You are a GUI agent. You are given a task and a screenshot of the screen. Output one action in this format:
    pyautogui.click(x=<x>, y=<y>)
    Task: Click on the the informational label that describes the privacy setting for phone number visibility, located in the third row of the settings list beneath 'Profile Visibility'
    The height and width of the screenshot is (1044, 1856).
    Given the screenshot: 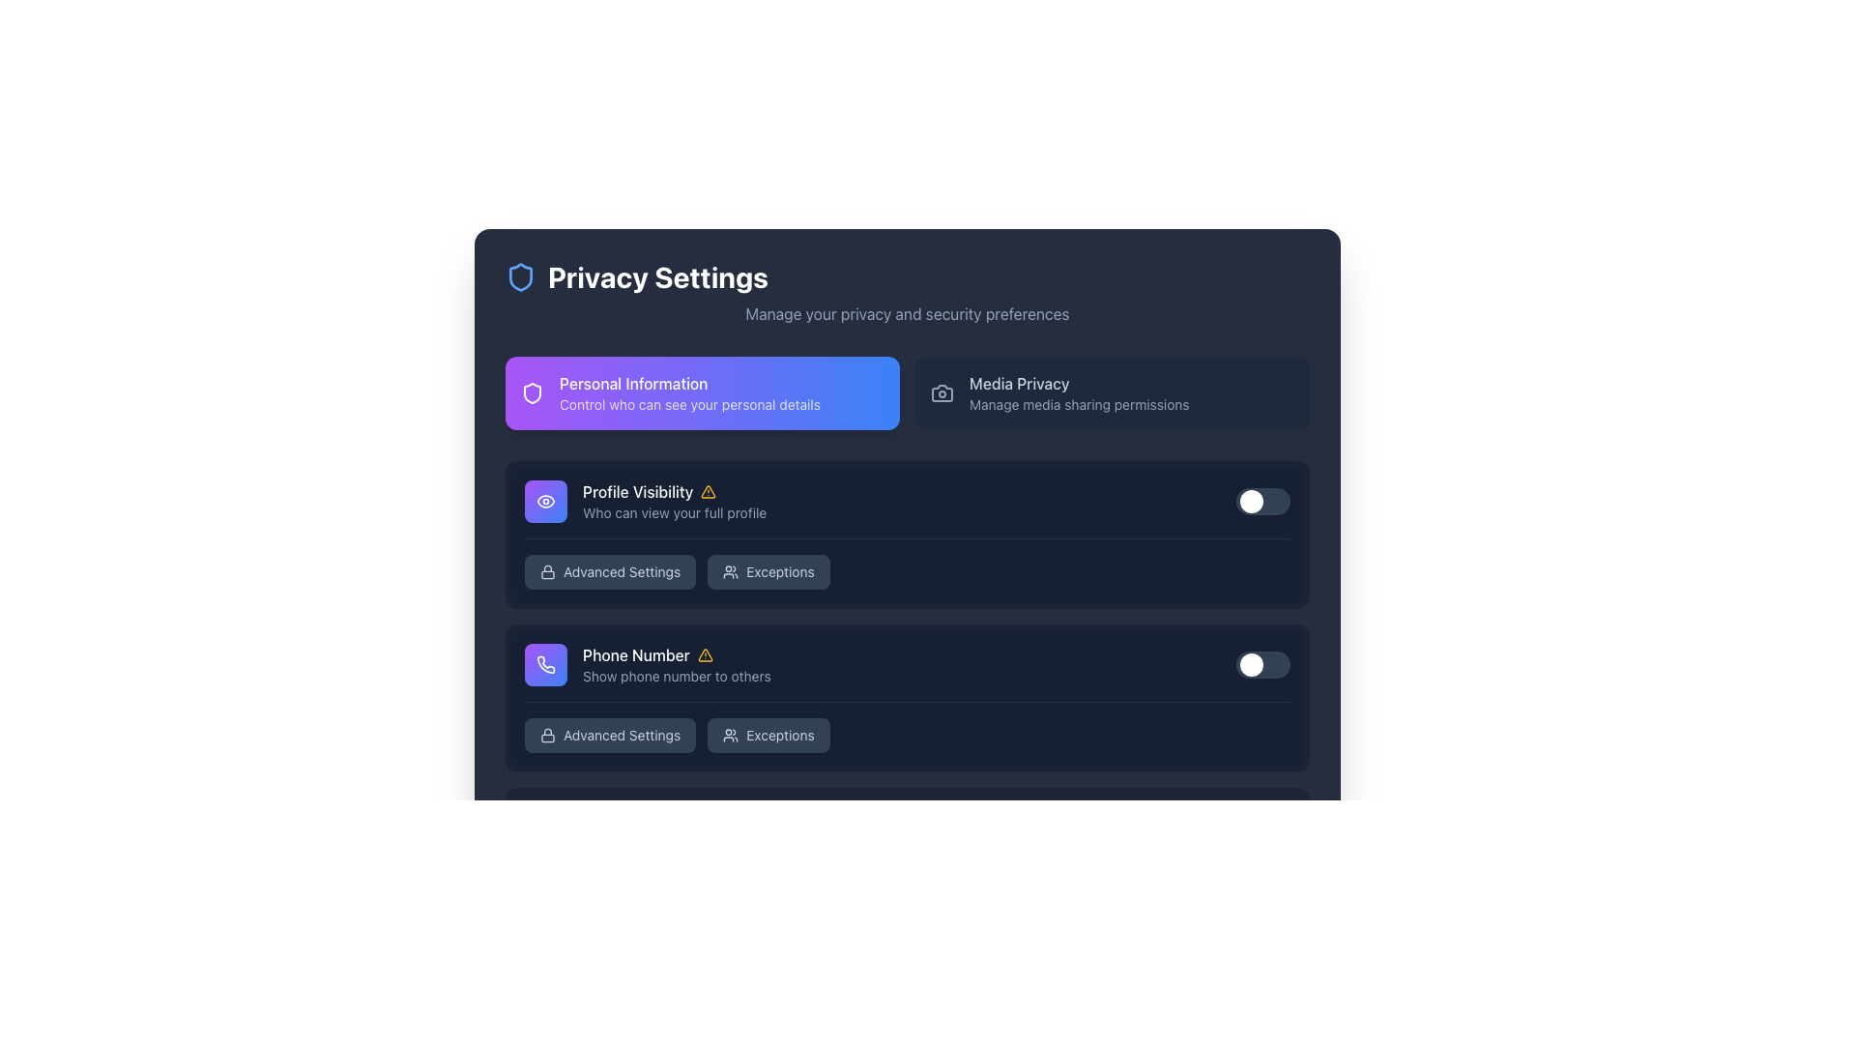 What is the action you would take?
    pyautogui.click(x=677, y=663)
    